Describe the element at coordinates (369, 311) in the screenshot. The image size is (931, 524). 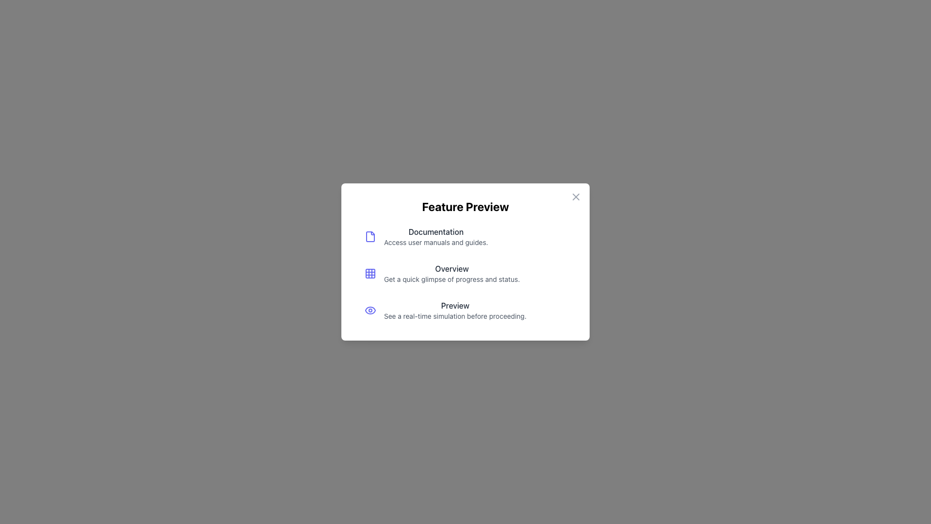
I see `the rounded 'eye' icon with a blue color located within the 'Preview' option of the 'Feature Preview' interface section, which is the third option in the row and positioned on the left side of the 'Preview' label text` at that location.